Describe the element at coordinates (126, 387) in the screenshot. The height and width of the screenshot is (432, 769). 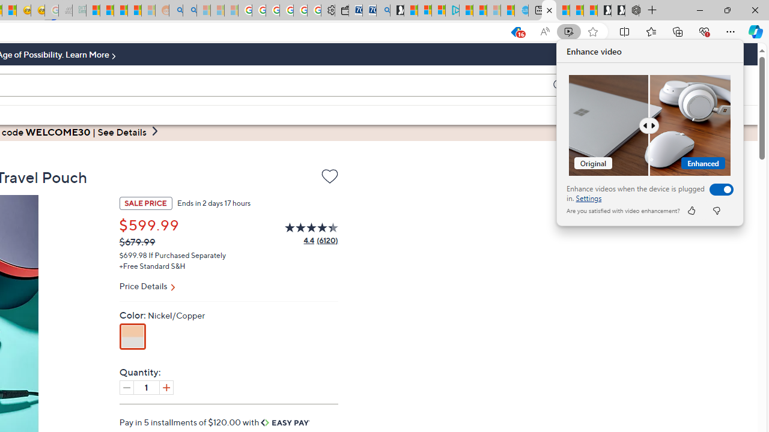
I see `'Decrease quantity by 1'` at that location.